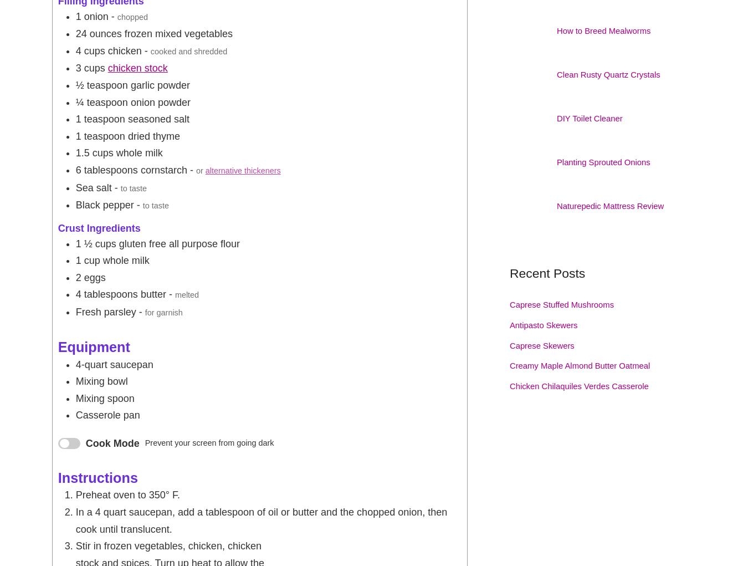 This screenshot has width=748, height=566. What do you see at coordinates (144, 442) in the screenshot?
I see `'Prevent your screen from going dark'` at bounding box center [144, 442].